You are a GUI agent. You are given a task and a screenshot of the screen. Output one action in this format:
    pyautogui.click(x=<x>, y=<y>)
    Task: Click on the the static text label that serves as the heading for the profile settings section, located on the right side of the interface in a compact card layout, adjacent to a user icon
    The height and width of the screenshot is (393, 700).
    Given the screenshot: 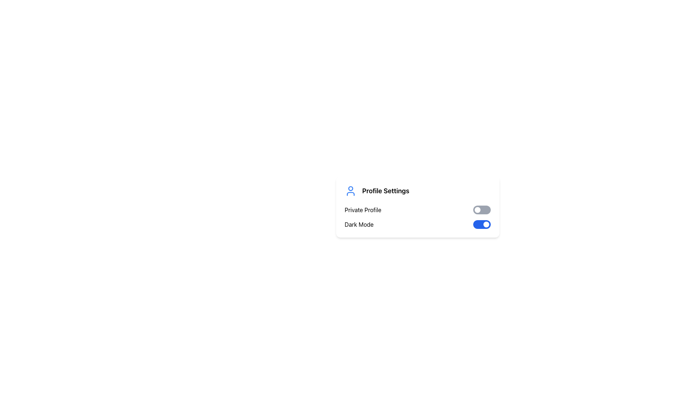 What is the action you would take?
    pyautogui.click(x=385, y=190)
    